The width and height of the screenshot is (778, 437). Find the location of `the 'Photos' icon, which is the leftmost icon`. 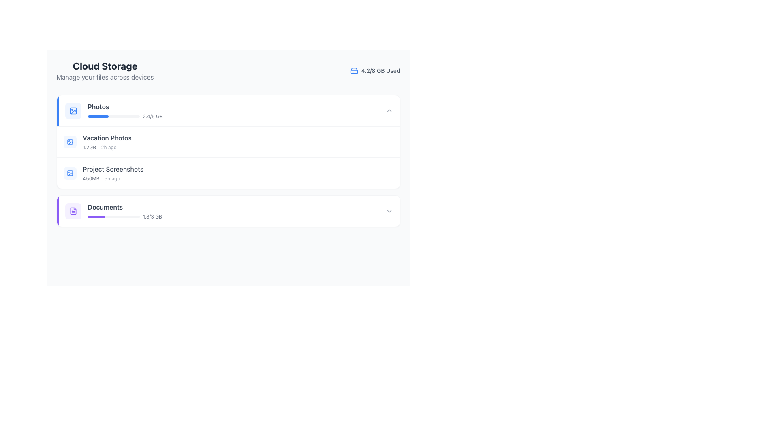

the 'Photos' icon, which is the leftmost icon is located at coordinates (73, 110).